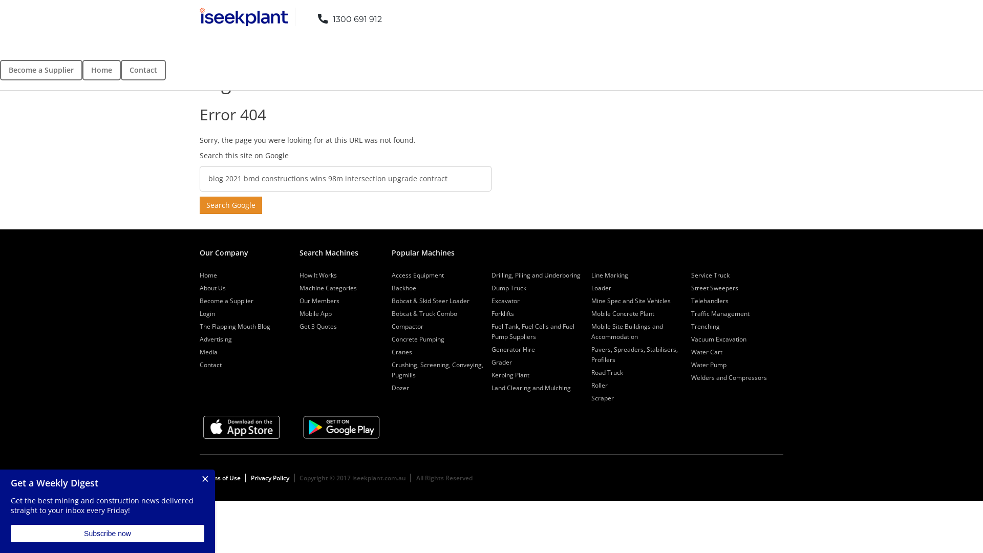 The width and height of the screenshot is (983, 553). I want to click on 'About Us', so click(199, 288).